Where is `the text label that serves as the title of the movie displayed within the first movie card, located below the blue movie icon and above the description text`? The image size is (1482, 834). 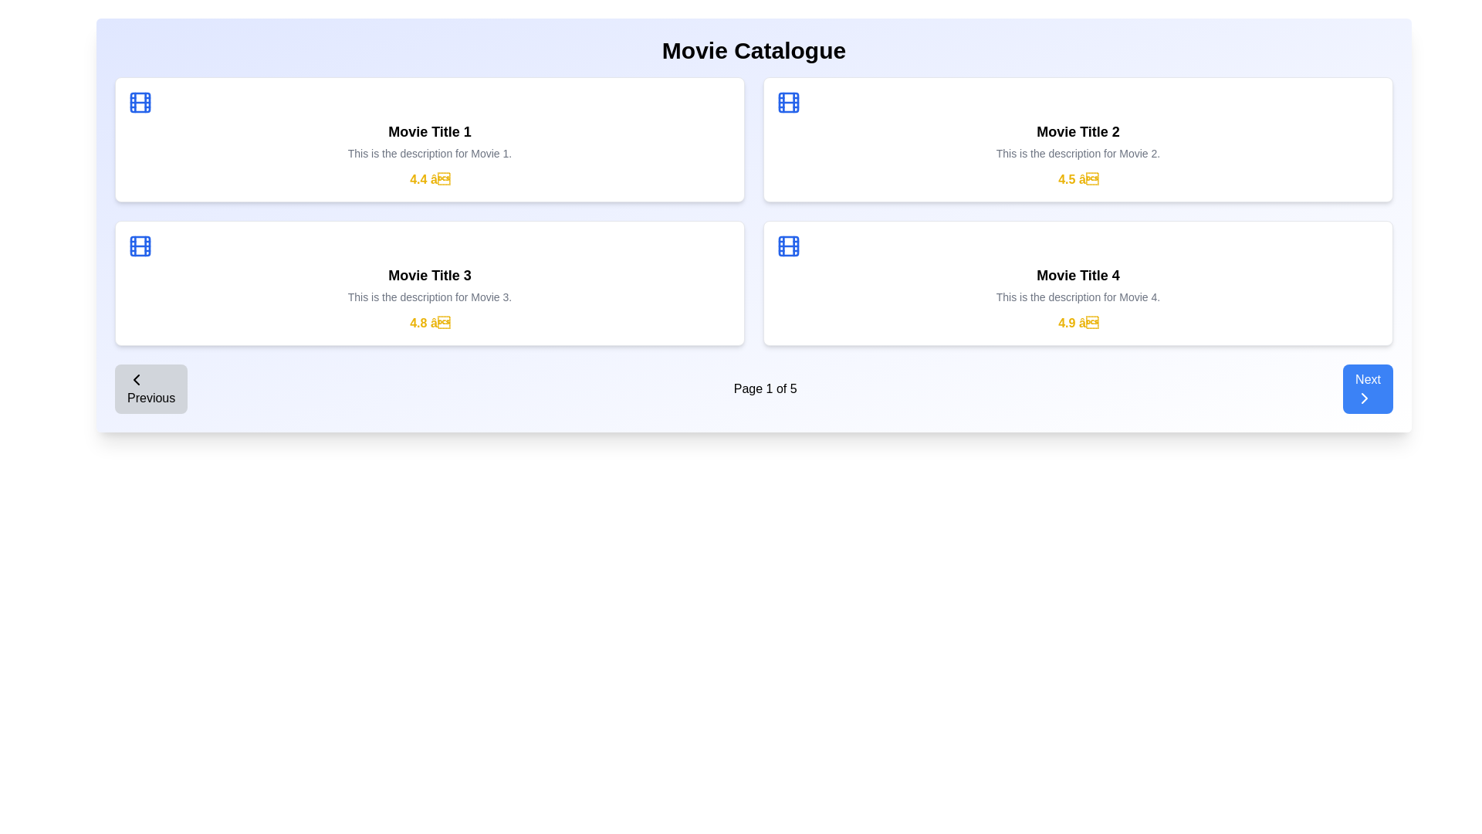 the text label that serves as the title of the movie displayed within the first movie card, located below the blue movie icon and above the description text is located at coordinates (429, 131).